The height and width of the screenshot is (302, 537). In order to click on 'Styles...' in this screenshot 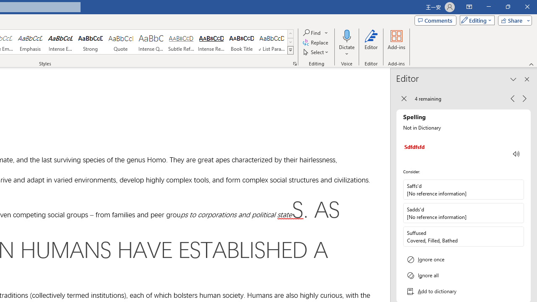, I will do `click(295, 63)`.